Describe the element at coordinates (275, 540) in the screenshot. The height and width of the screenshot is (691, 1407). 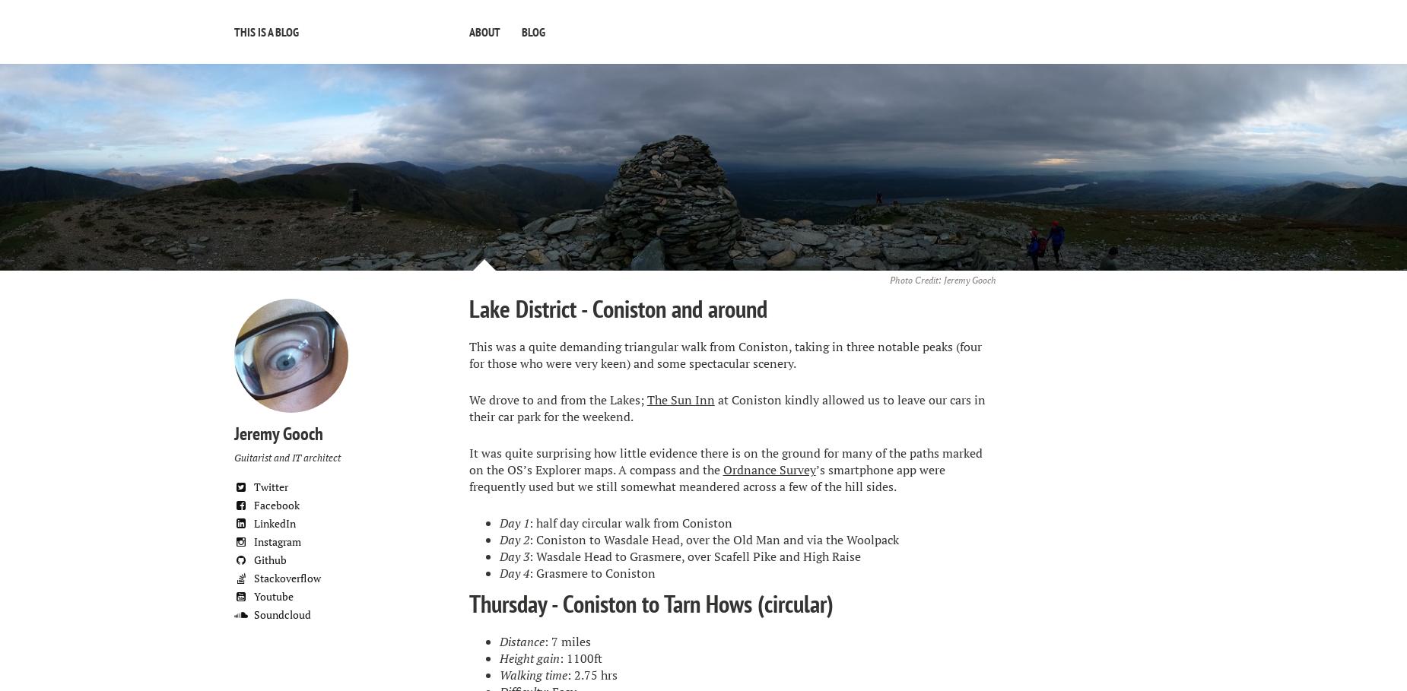
I see `'Instagram'` at that location.